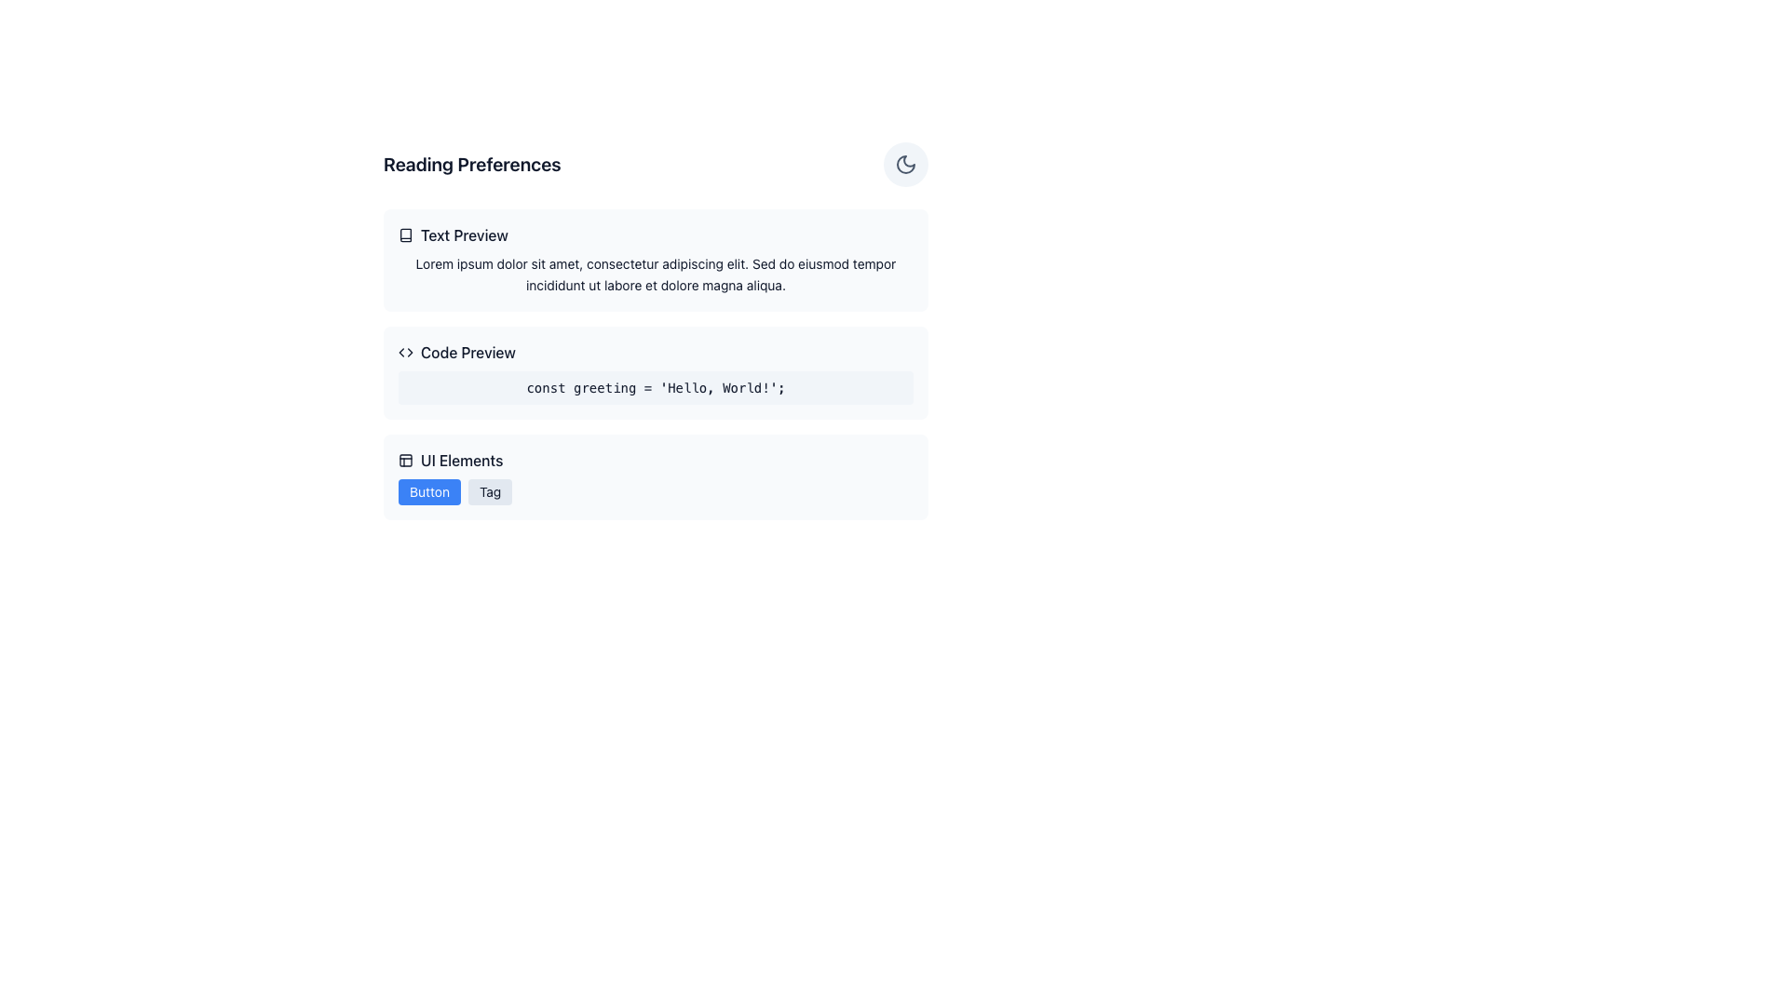 Image resolution: width=1788 pixels, height=1005 pixels. What do you see at coordinates (906, 164) in the screenshot?
I see `the circular button containing the crescent moon icon` at bounding box center [906, 164].